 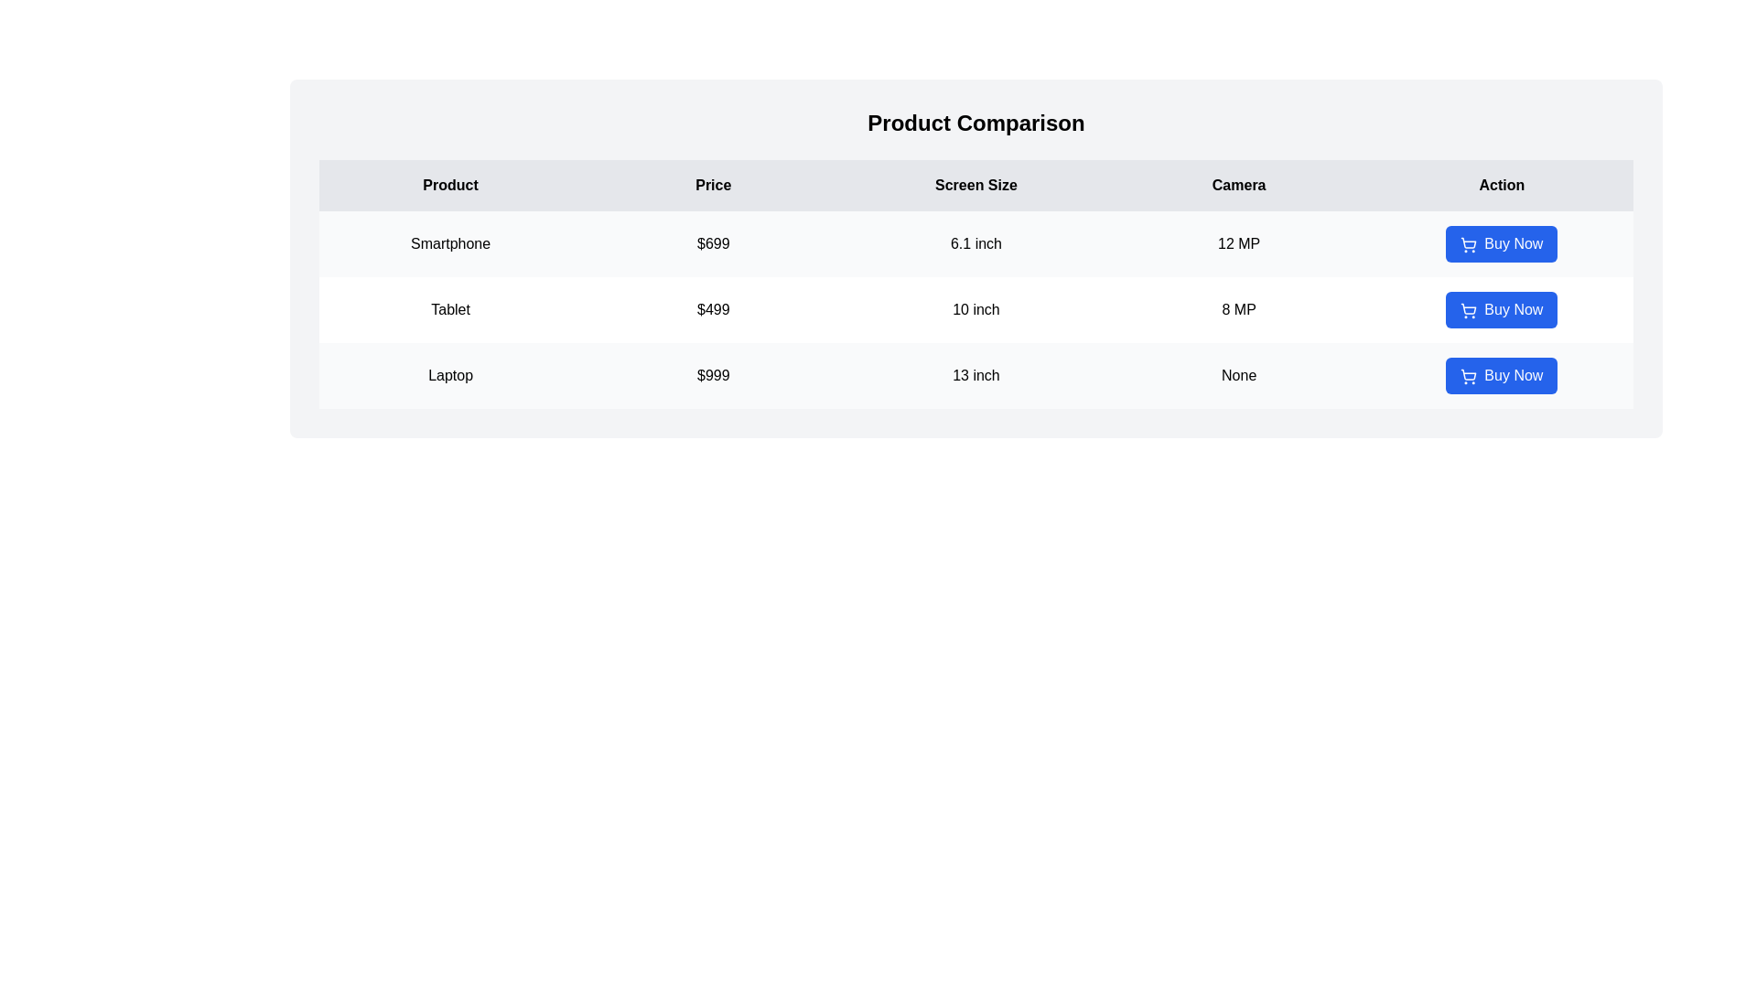 I want to click on 'Buy Now' button for the product specified by Laptop, so click(x=1502, y=375).